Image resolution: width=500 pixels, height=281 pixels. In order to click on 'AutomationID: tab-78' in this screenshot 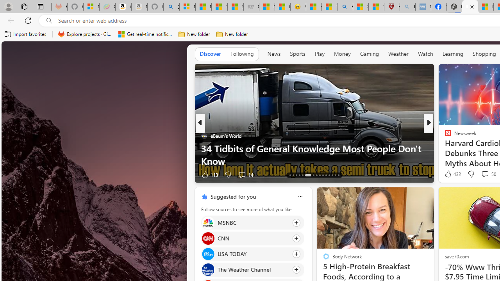, I will do `click(332, 174)`.